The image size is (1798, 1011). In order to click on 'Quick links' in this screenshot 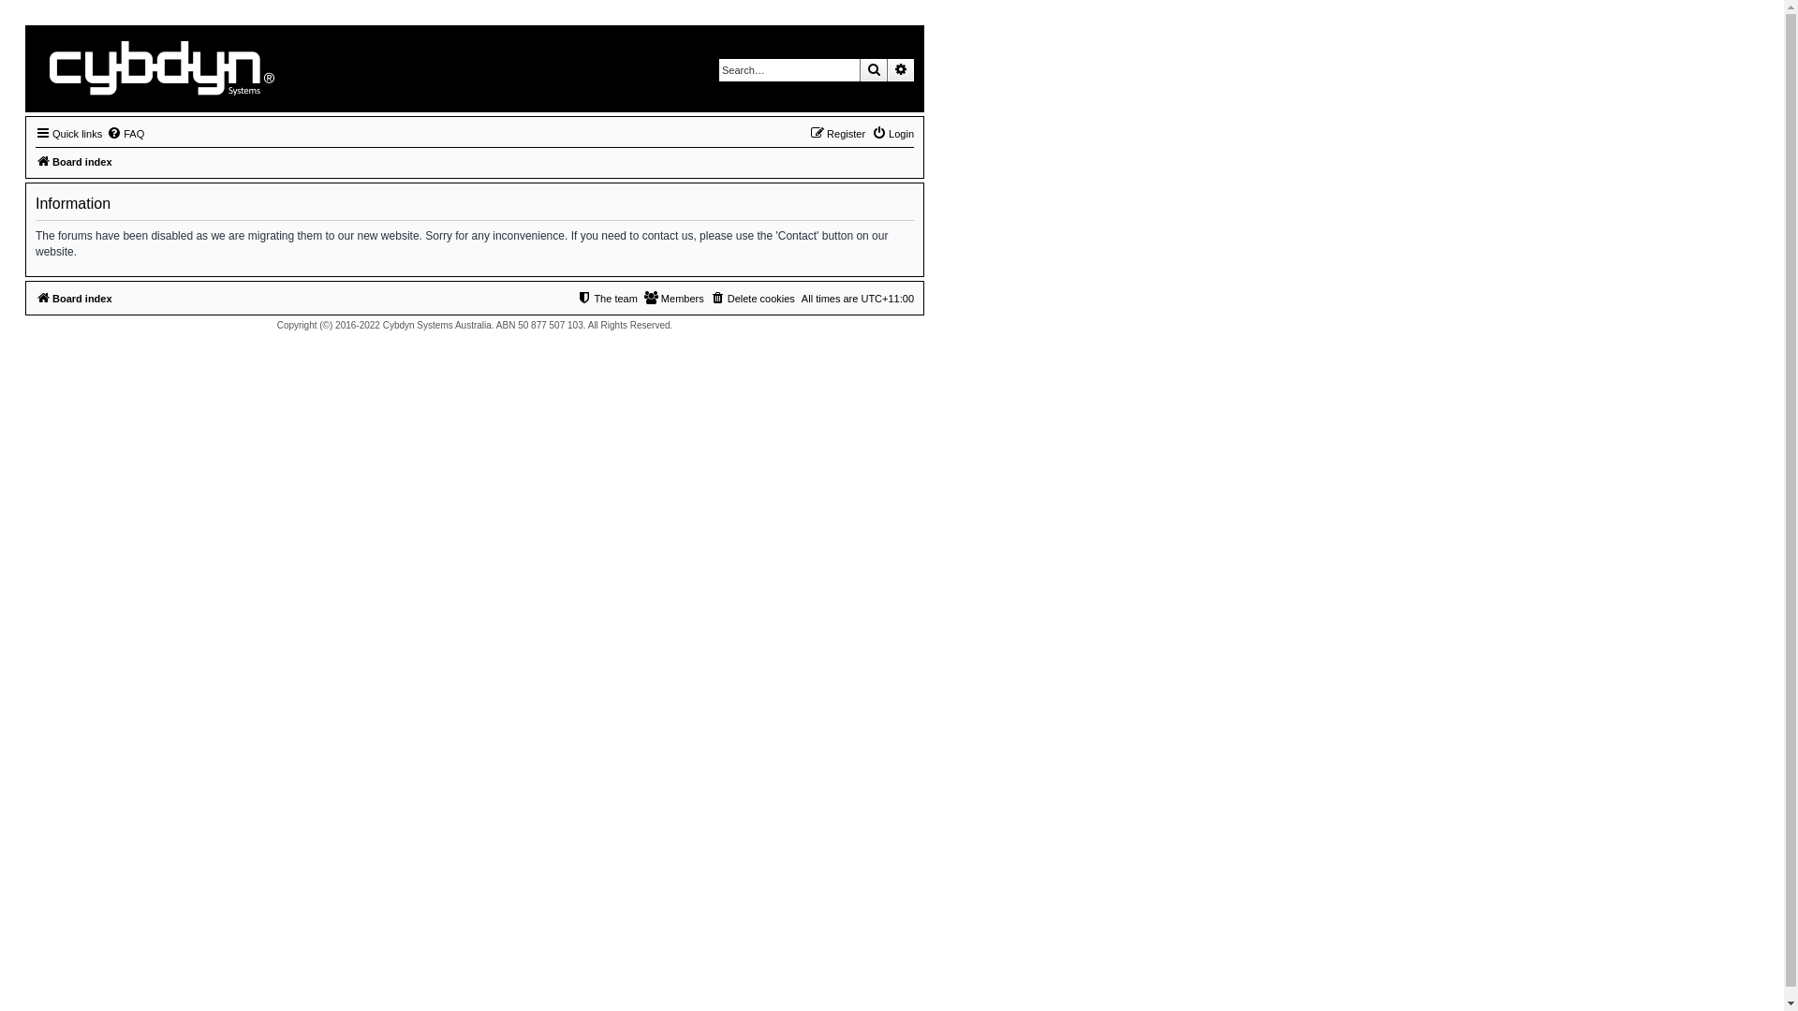, I will do `click(68, 132)`.